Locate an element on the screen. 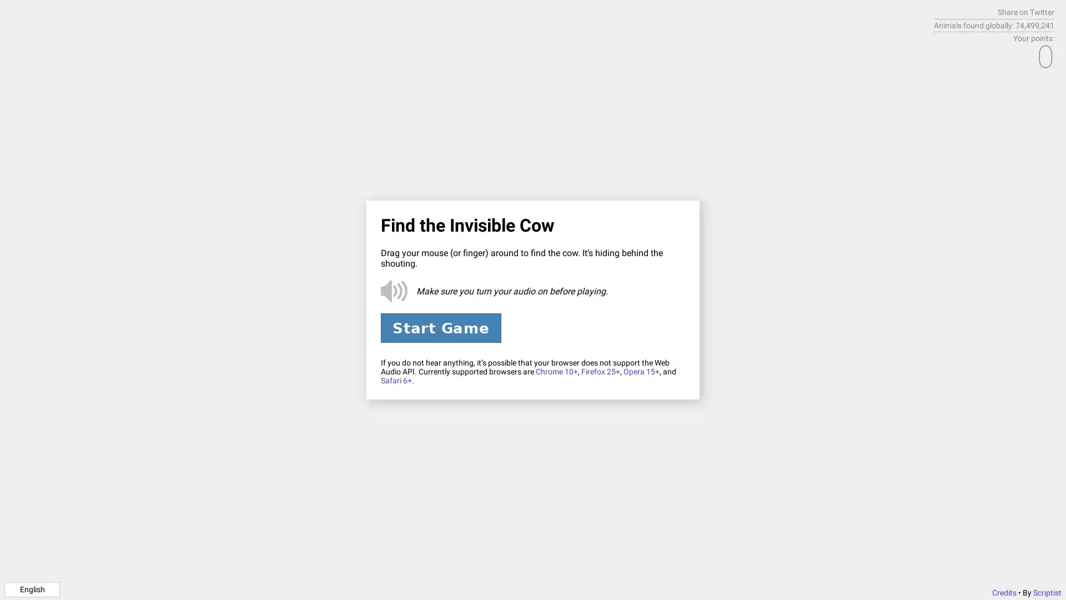 This screenshot has height=600, width=1066. Share on Twitter is located at coordinates (1025, 12).